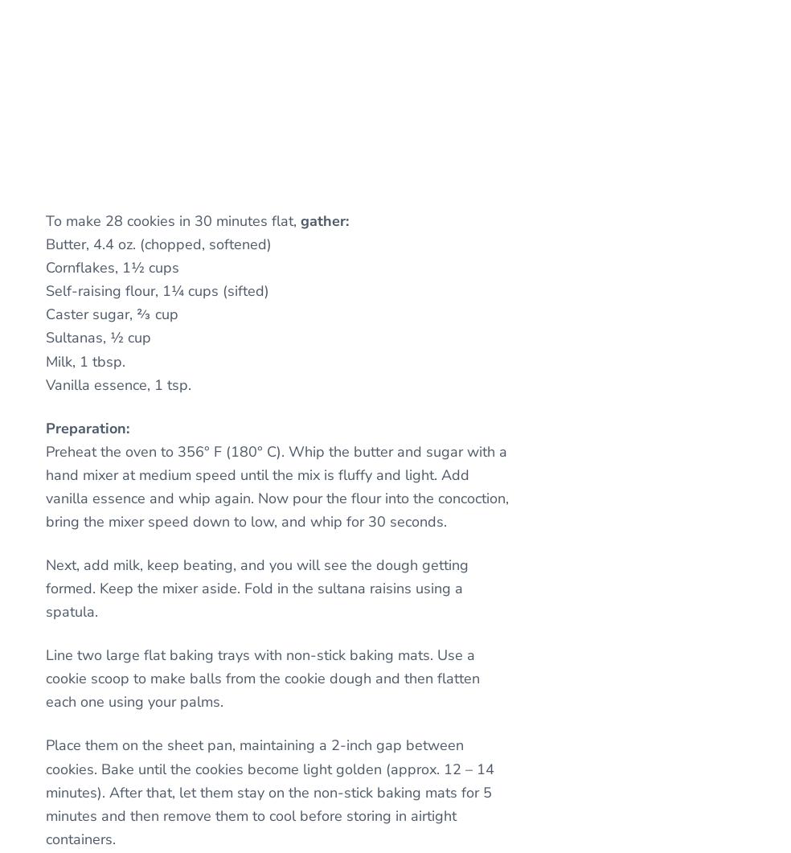 This screenshot has width=791, height=853. I want to click on 'Milk, 1 tbsp.', so click(84, 361).